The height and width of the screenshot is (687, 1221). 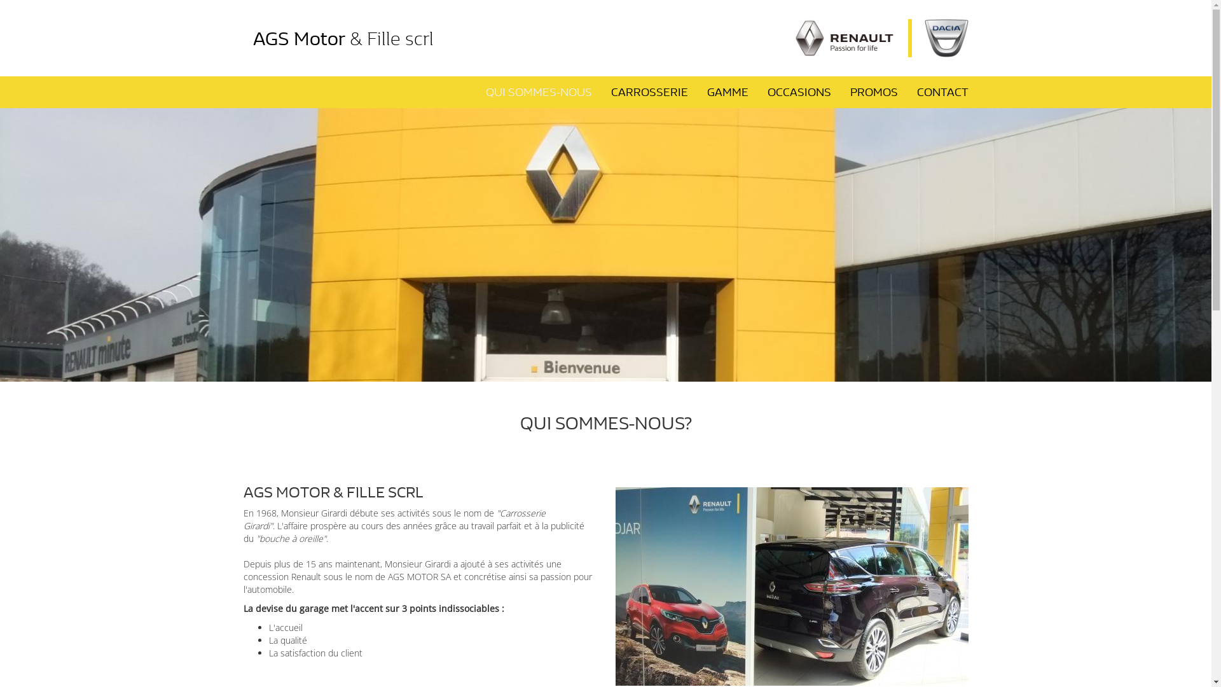 I want to click on 'GAMME', so click(x=727, y=92).